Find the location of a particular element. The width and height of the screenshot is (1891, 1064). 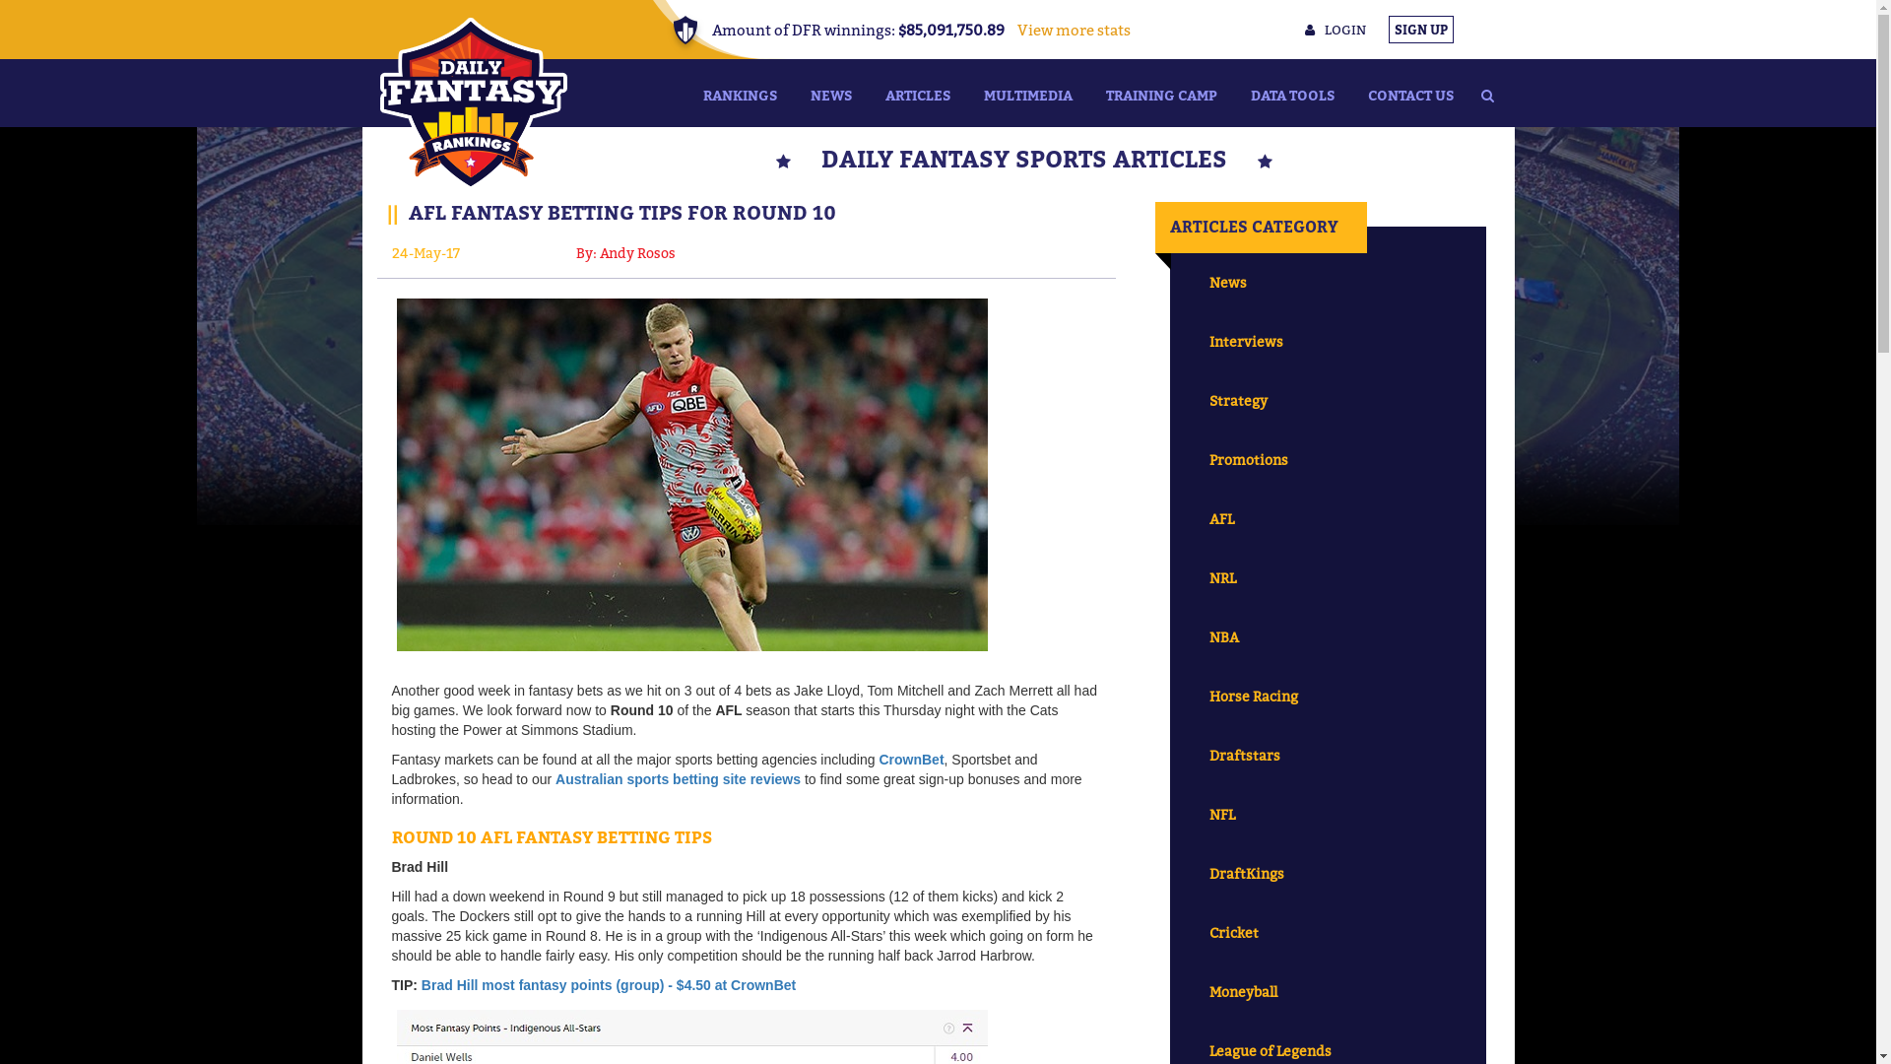

'NFL' is located at coordinates (1328, 814).